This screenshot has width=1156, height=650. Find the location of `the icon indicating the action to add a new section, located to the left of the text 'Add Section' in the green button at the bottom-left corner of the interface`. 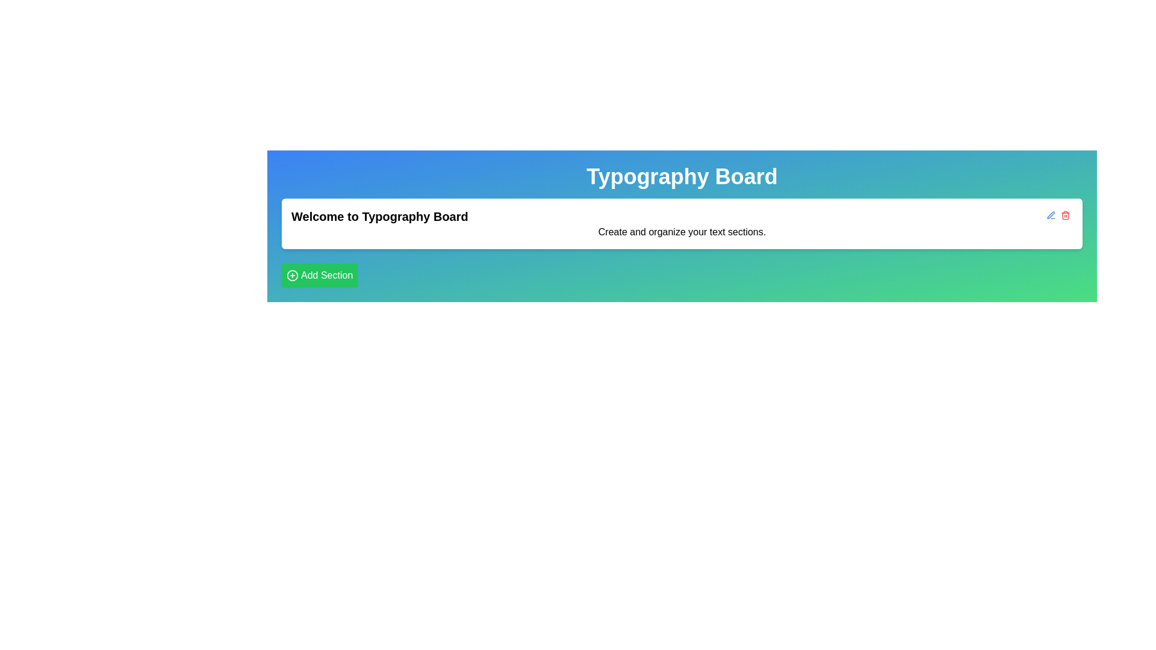

the icon indicating the action to add a new section, located to the left of the text 'Add Section' in the green button at the bottom-left corner of the interface is located at coordinates (292, 276).